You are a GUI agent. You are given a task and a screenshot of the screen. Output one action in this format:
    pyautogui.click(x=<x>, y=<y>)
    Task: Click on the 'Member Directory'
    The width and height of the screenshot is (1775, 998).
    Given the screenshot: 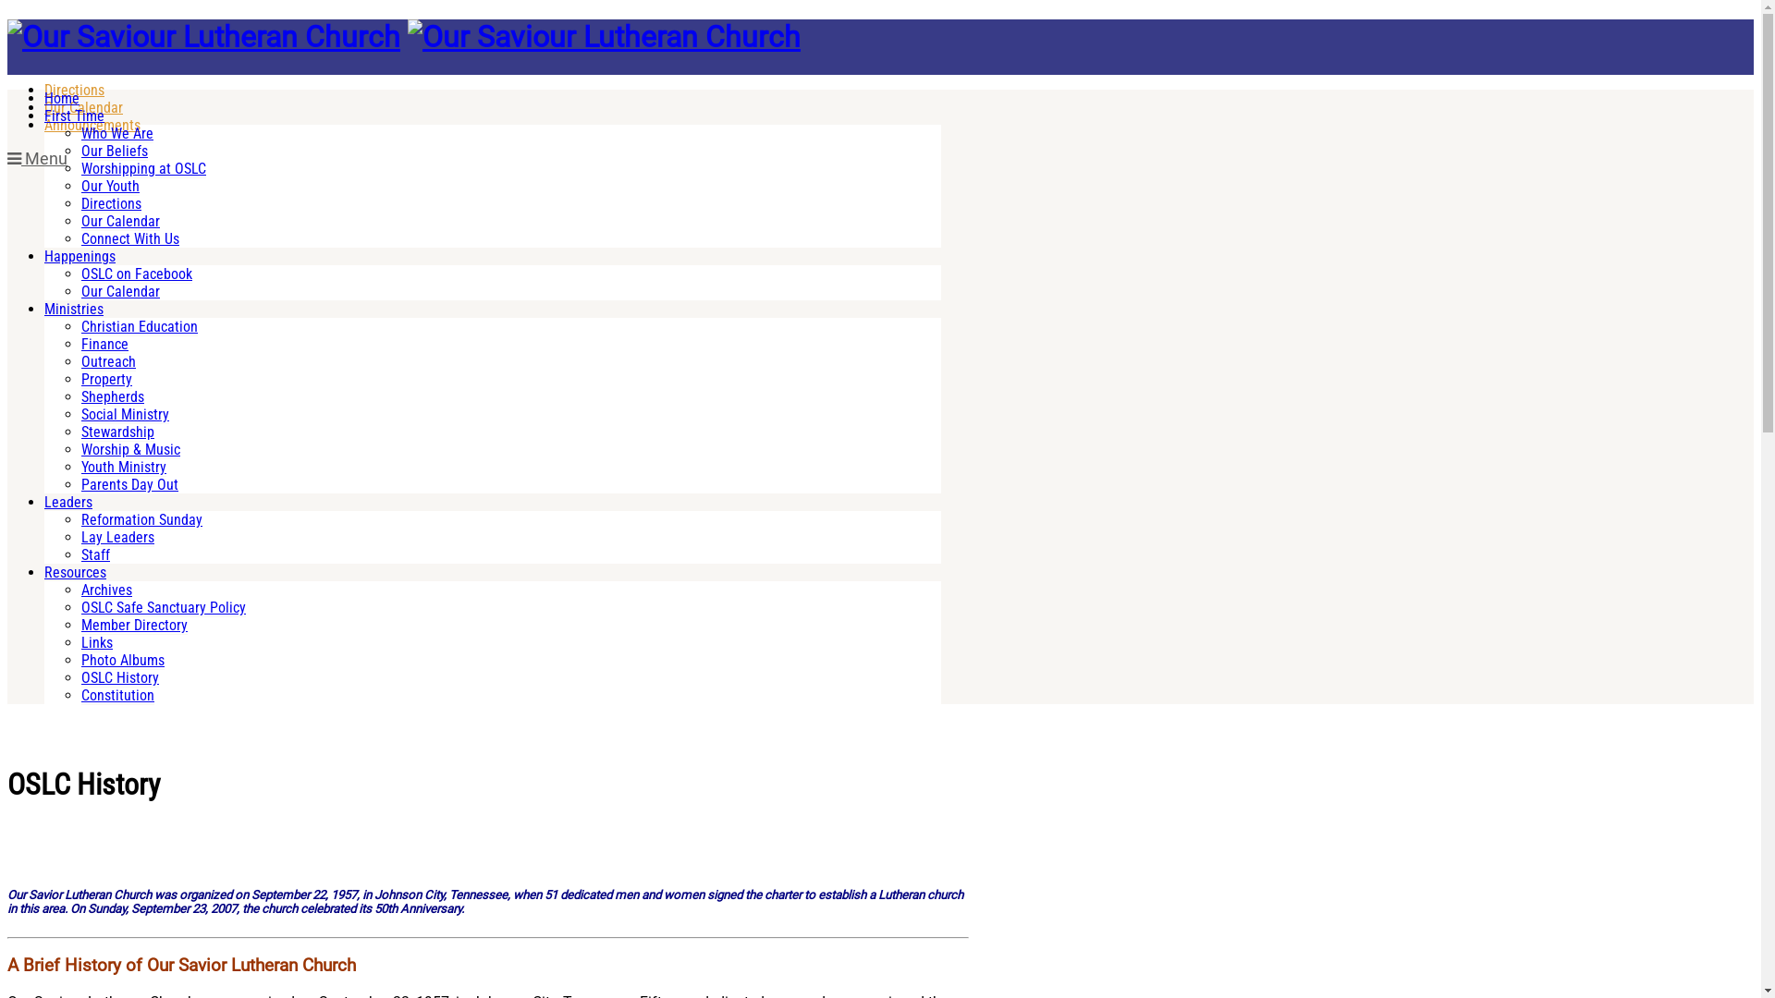 What is the action you would take?
    pyautogui.click(x=133, y=625)
    